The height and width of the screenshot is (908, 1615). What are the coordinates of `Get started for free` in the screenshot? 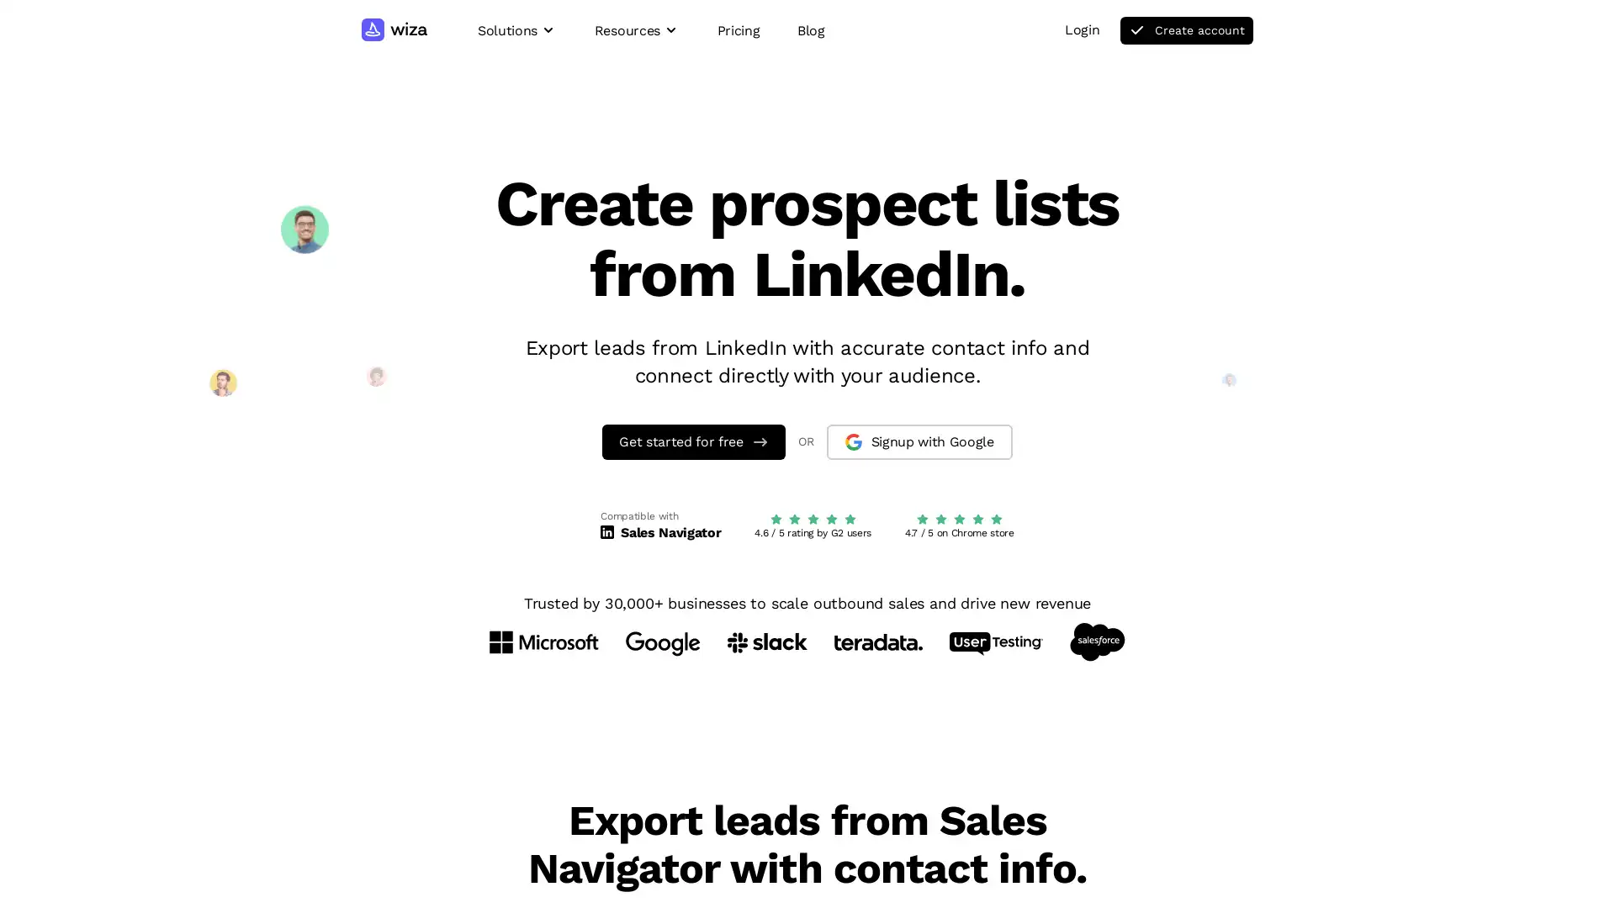 It's located at (694, 440).